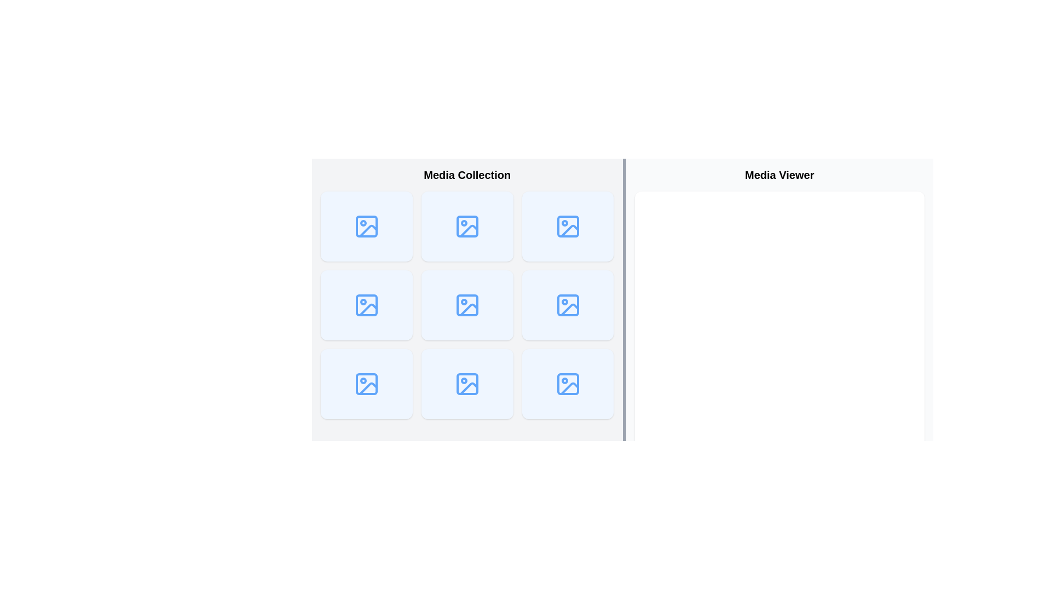 The height and width of the screenshot is (591, 1051). I want to click on the non-interactive light blue rectangle located in the second row and second column of the grid layout, so click(366, 305).